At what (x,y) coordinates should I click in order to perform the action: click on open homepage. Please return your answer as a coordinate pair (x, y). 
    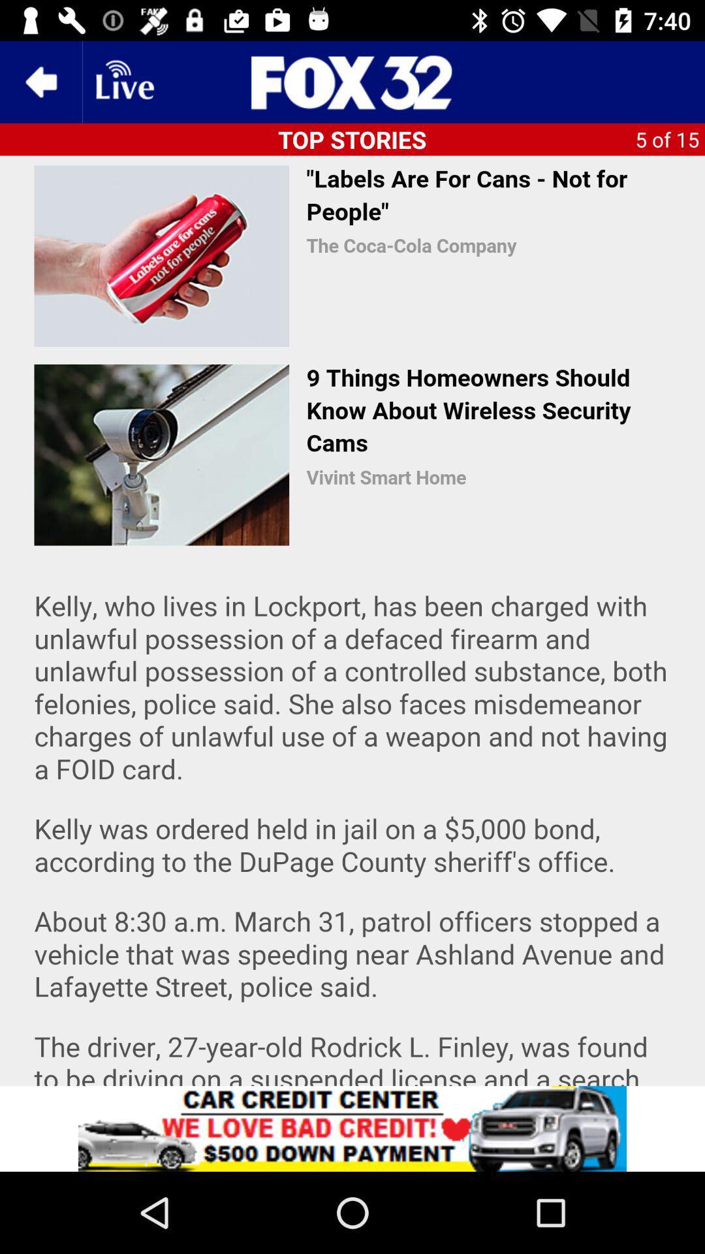
    Looking at the image, I should click on (352, 81).